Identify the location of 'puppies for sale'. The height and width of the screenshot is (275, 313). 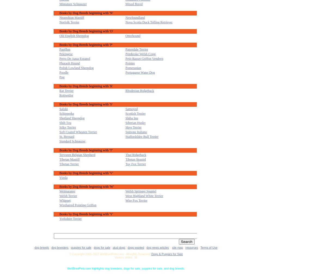
(81, 247).